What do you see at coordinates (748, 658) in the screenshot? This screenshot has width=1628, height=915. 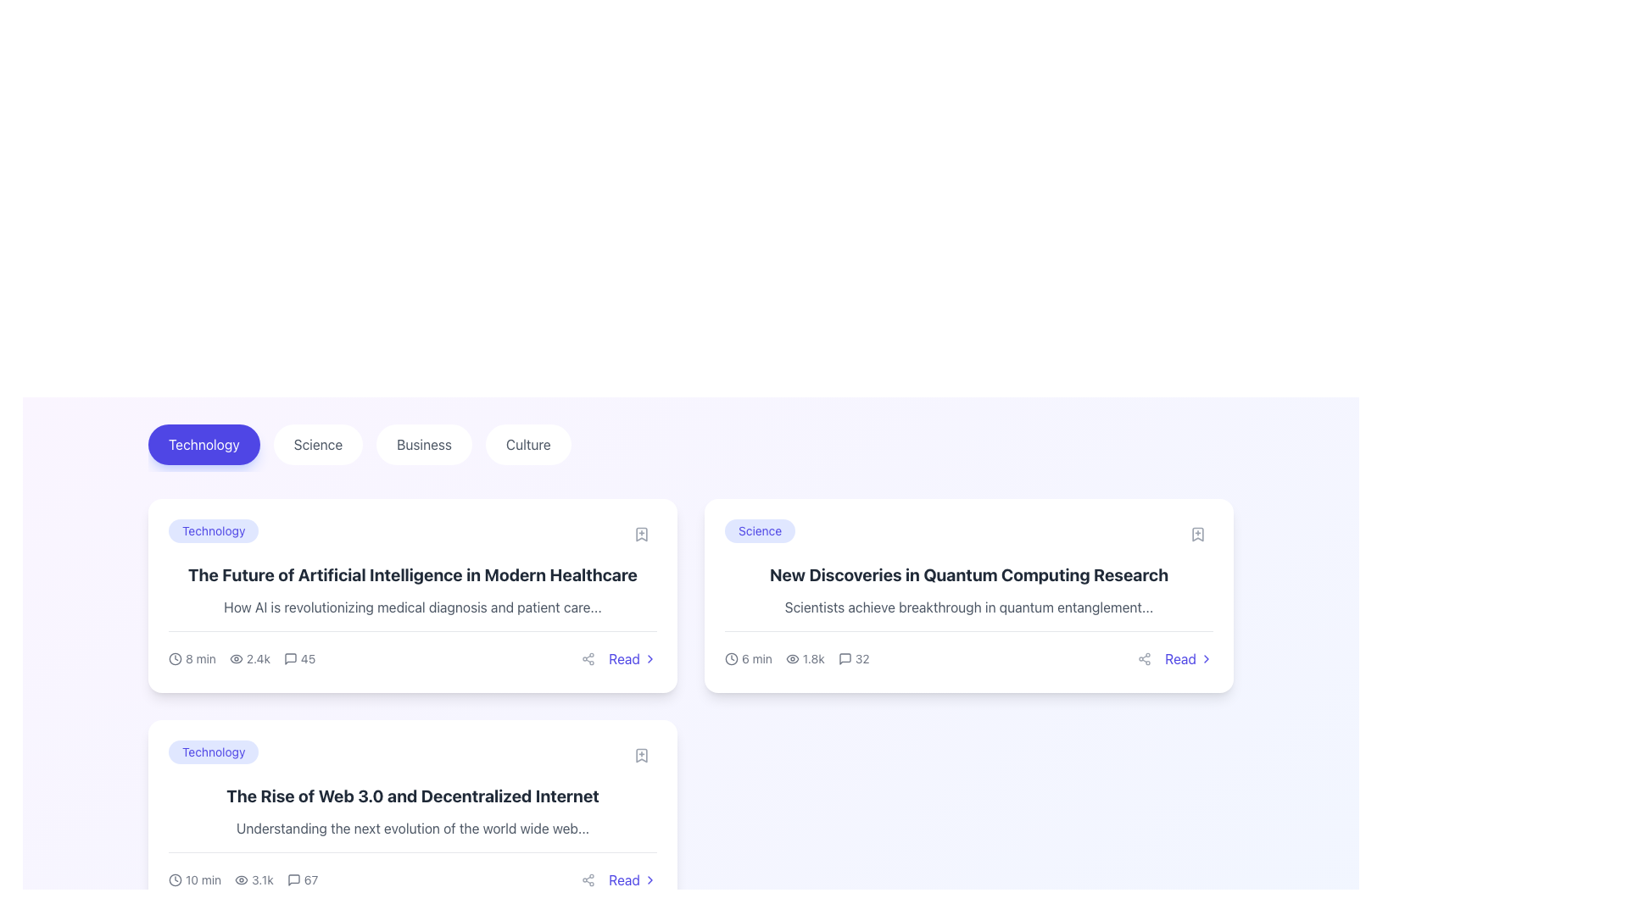 I see `the icon indicating the estimated reading duration for the article titled 'New Discoveries in Quantum Computing Research' located at the bottom-left corner of the content card` at bounding box center [748, 658].